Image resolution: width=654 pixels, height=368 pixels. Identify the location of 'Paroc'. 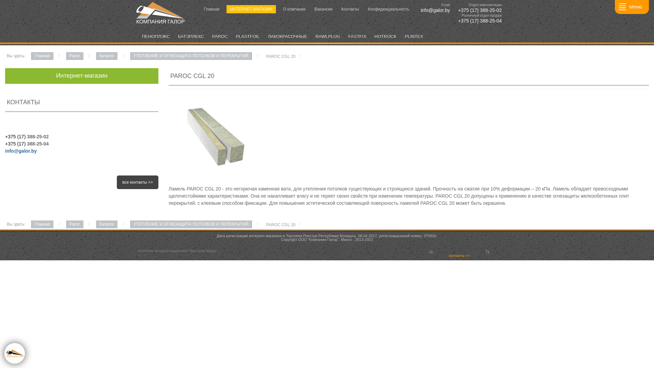
(75, 56).